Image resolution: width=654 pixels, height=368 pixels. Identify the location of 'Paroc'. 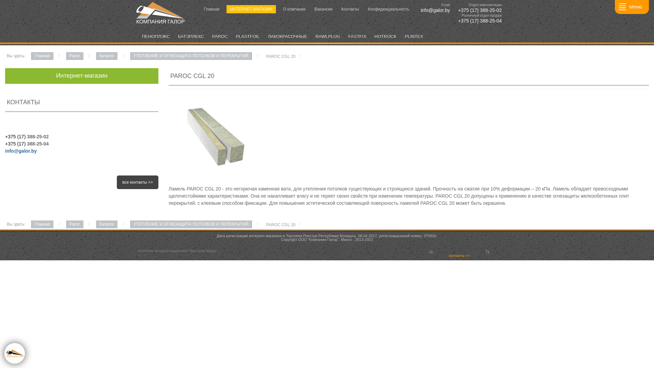
(75, 56).